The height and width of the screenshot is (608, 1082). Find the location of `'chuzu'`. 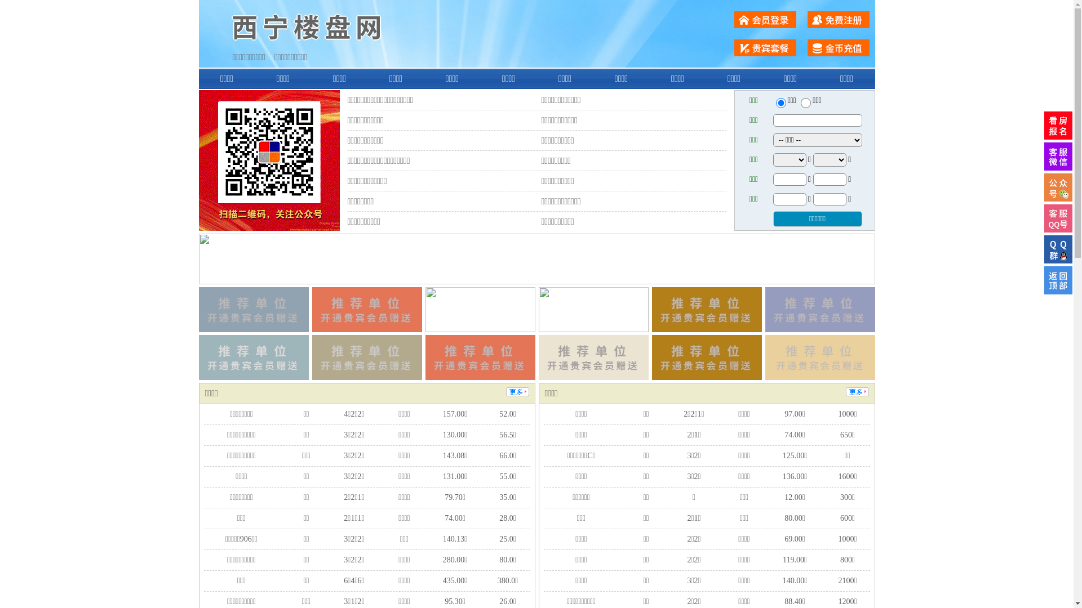

'chuzu' is located at coordinates (805, 102).